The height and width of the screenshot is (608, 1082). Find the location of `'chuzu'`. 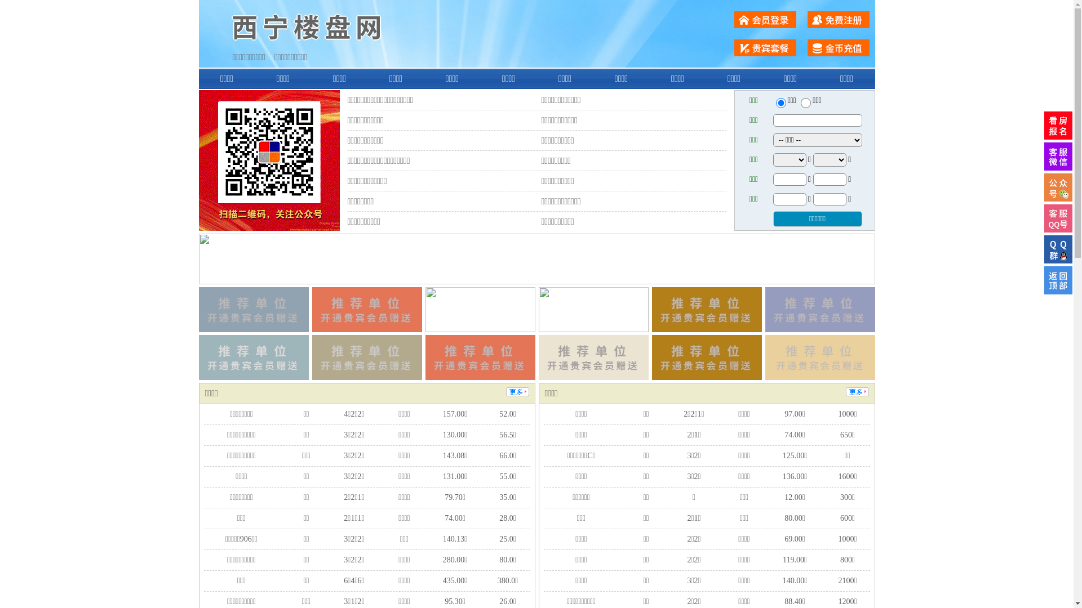

'chuzu' is located at coordinates (805, 102).